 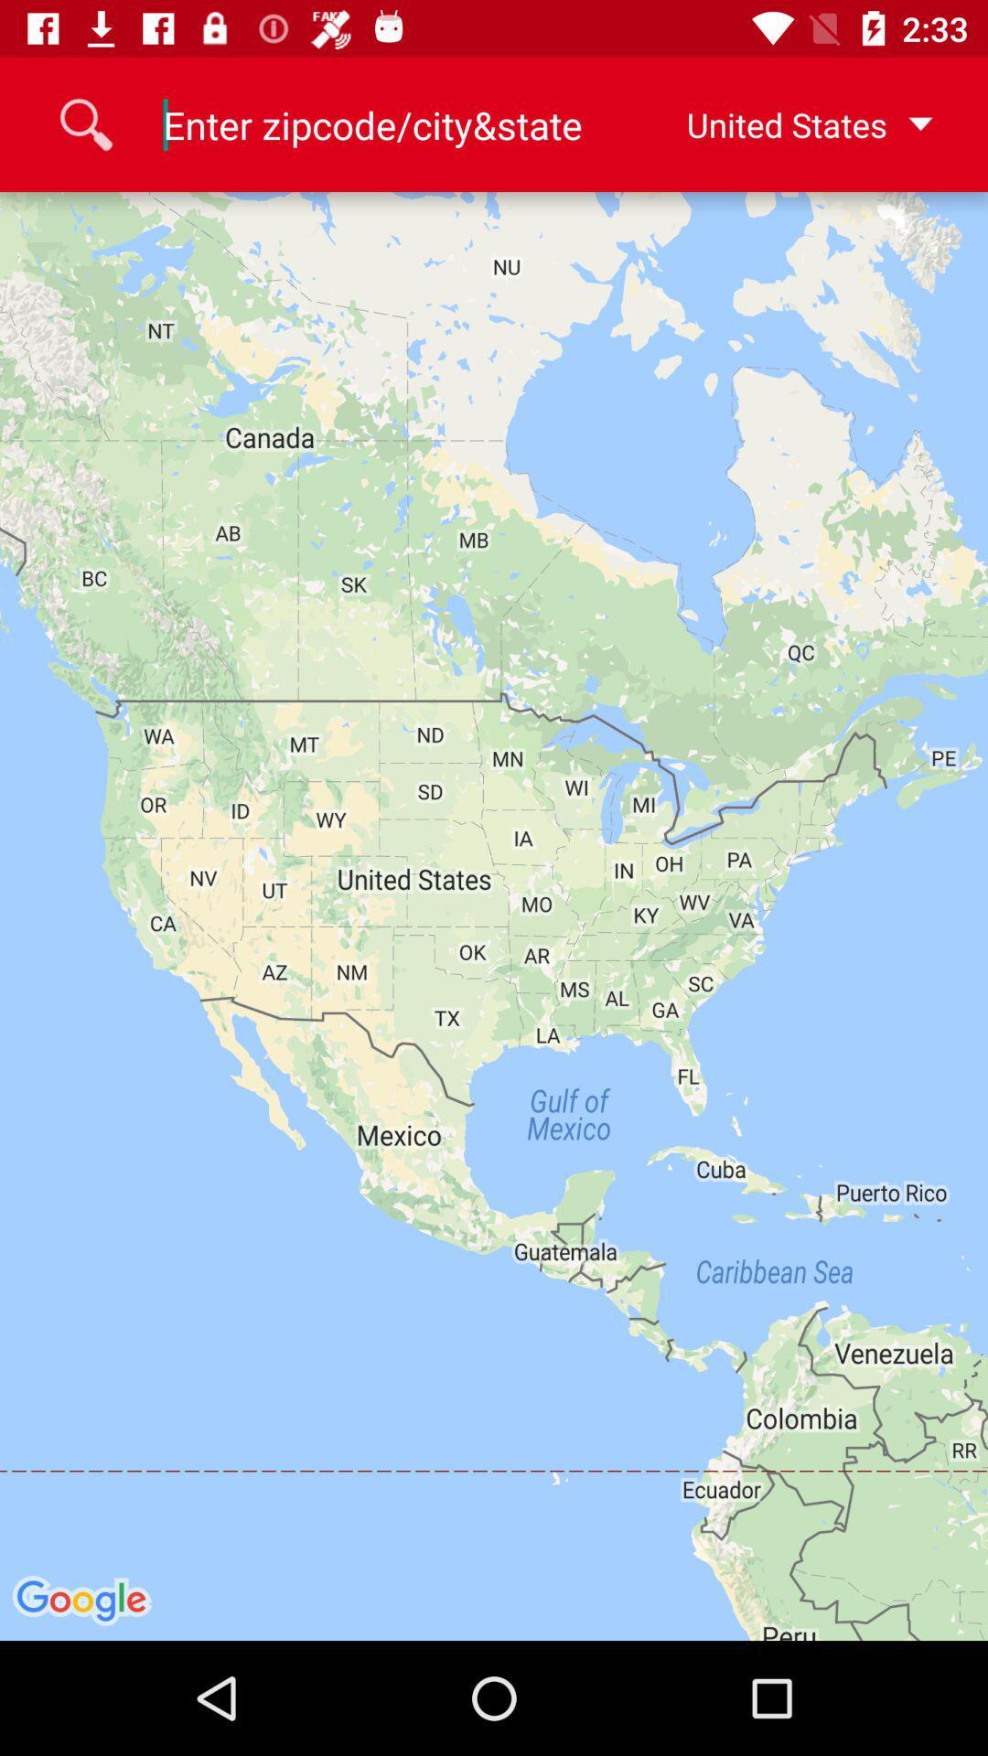 I want to click on the united states at the top right corner, so click(x=780, y=123).